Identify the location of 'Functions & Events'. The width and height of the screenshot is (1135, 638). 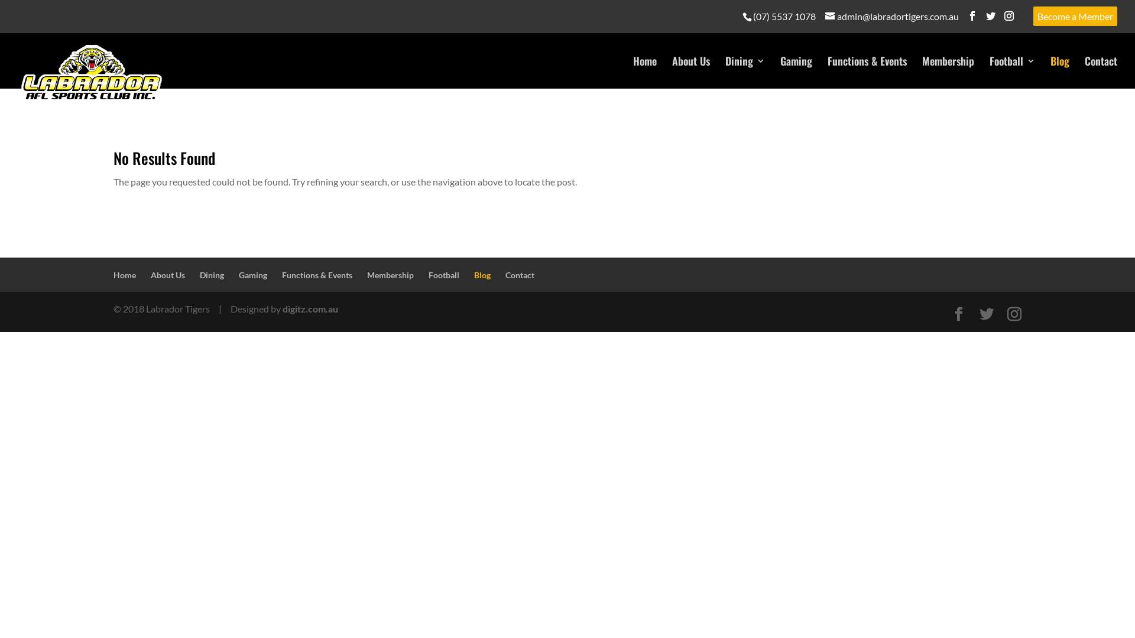
(867, 73).